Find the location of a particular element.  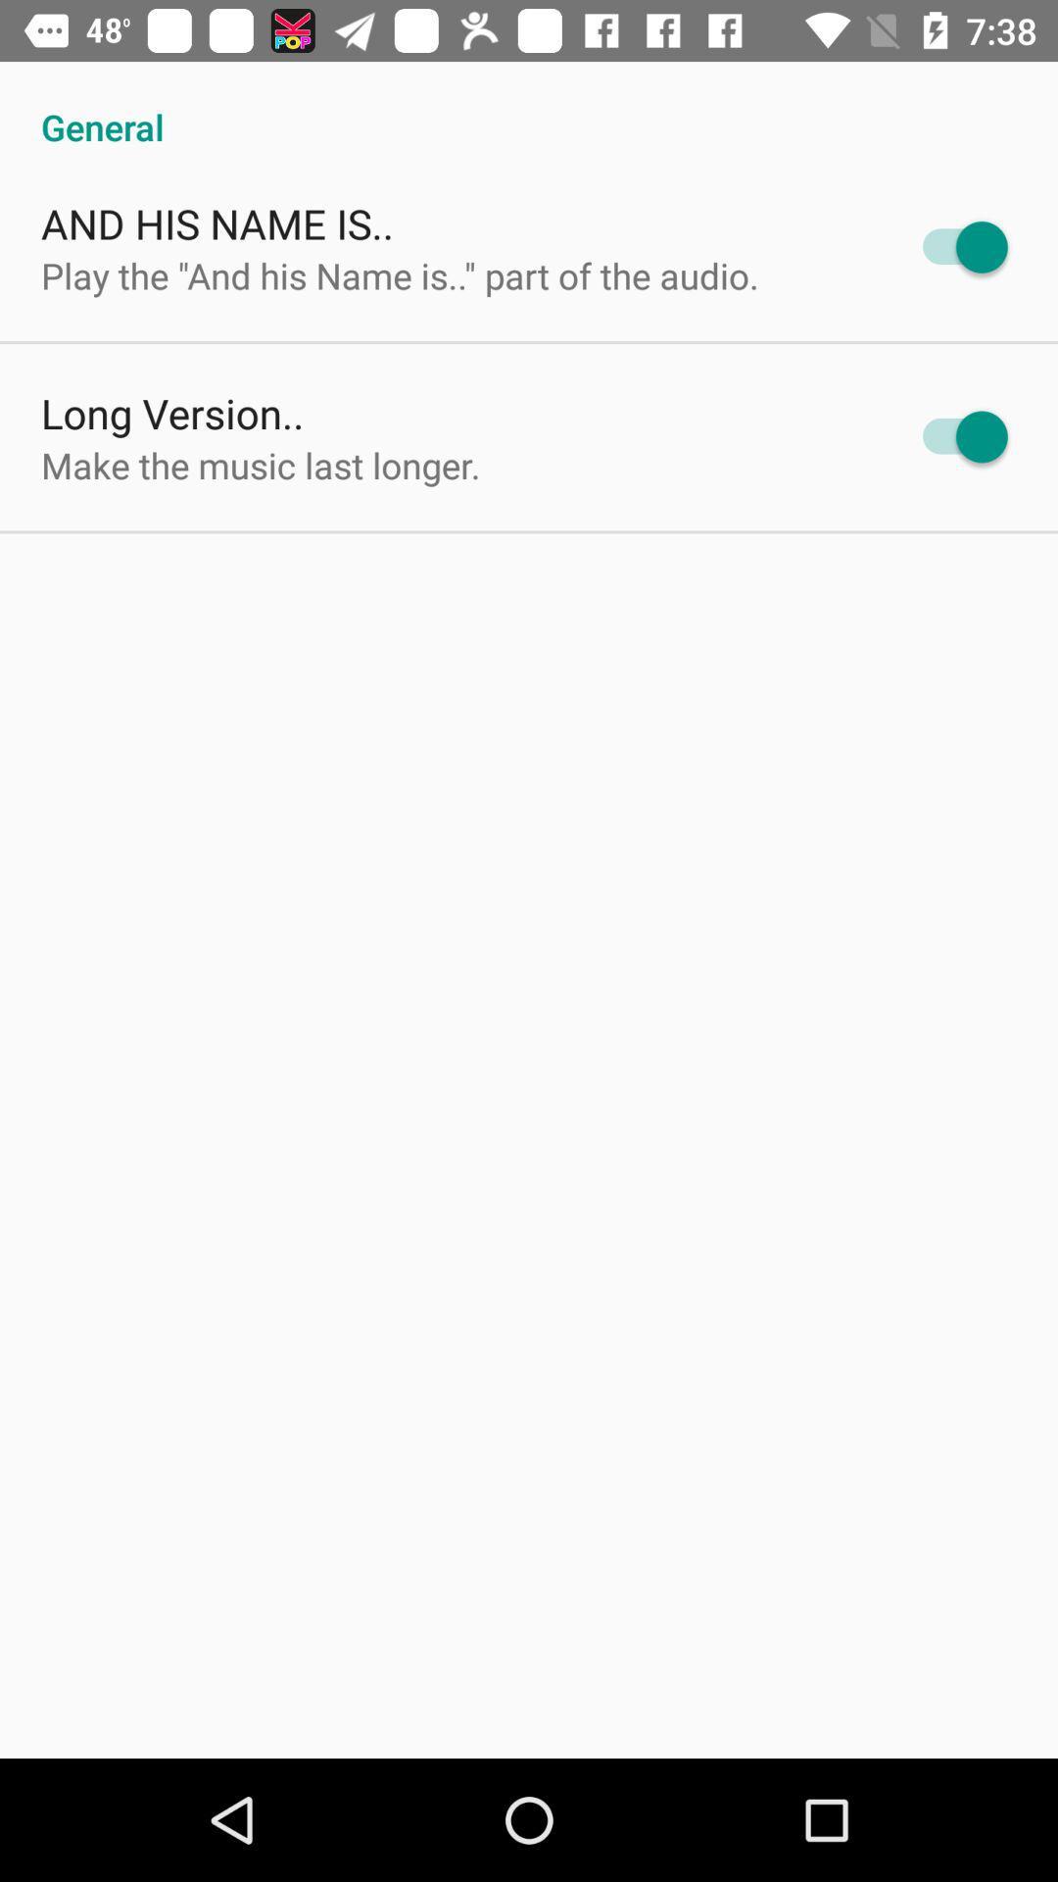

play the and icon is located at coordinates (399, 274).